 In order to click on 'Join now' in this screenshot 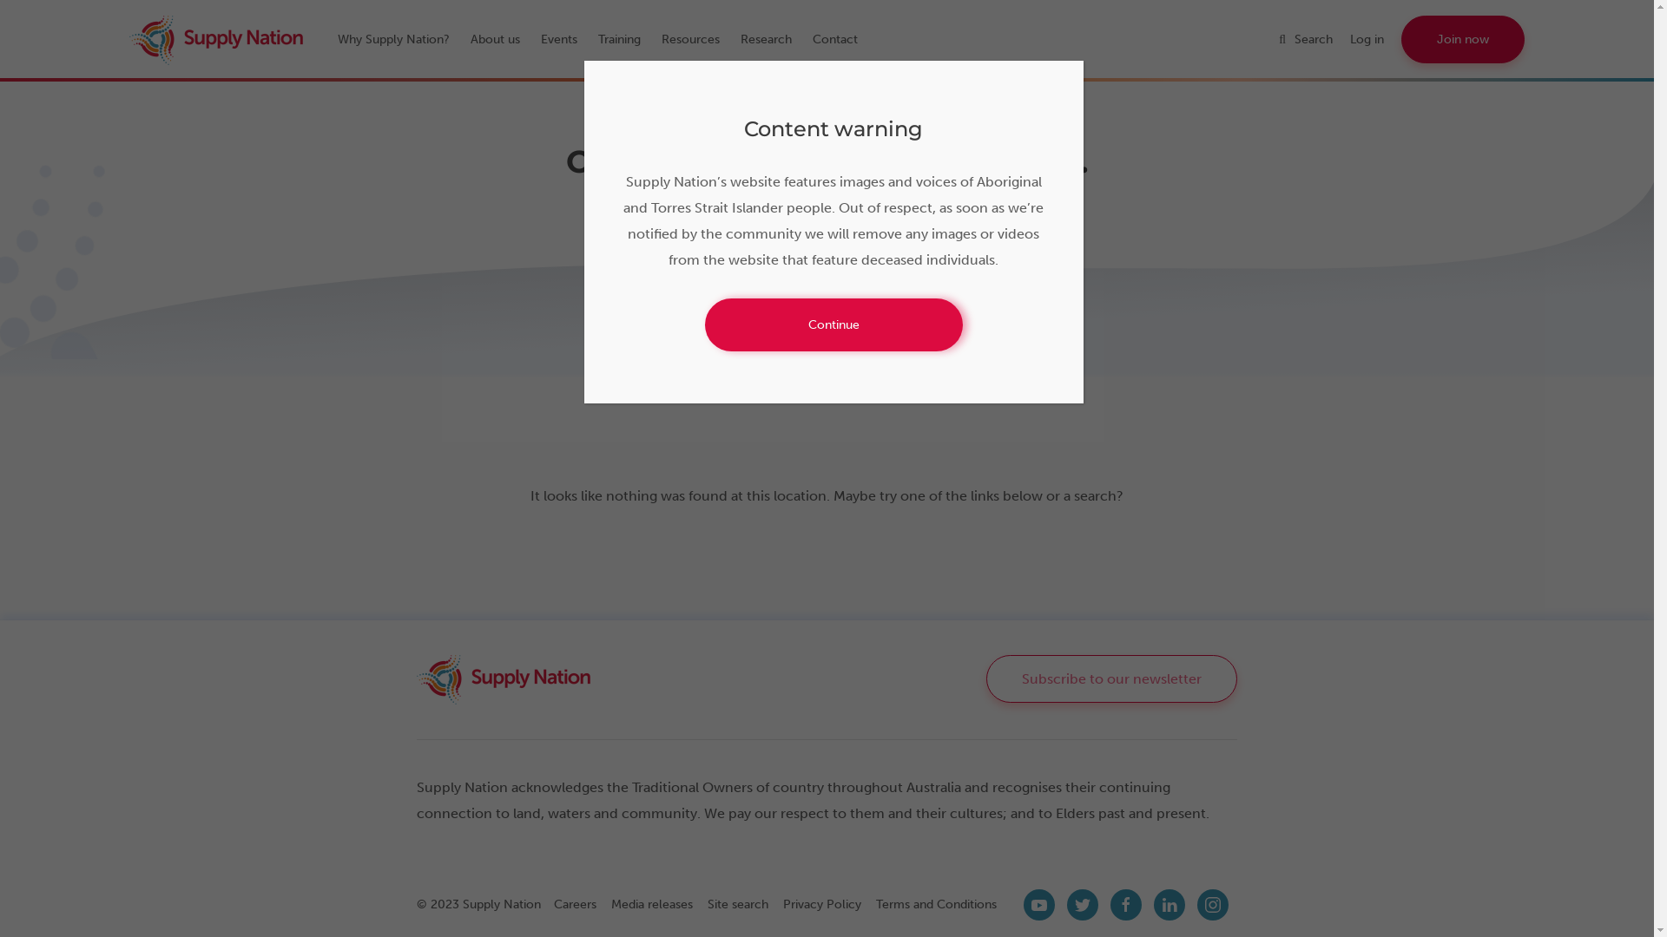, I will do `click(1461, 39)`.